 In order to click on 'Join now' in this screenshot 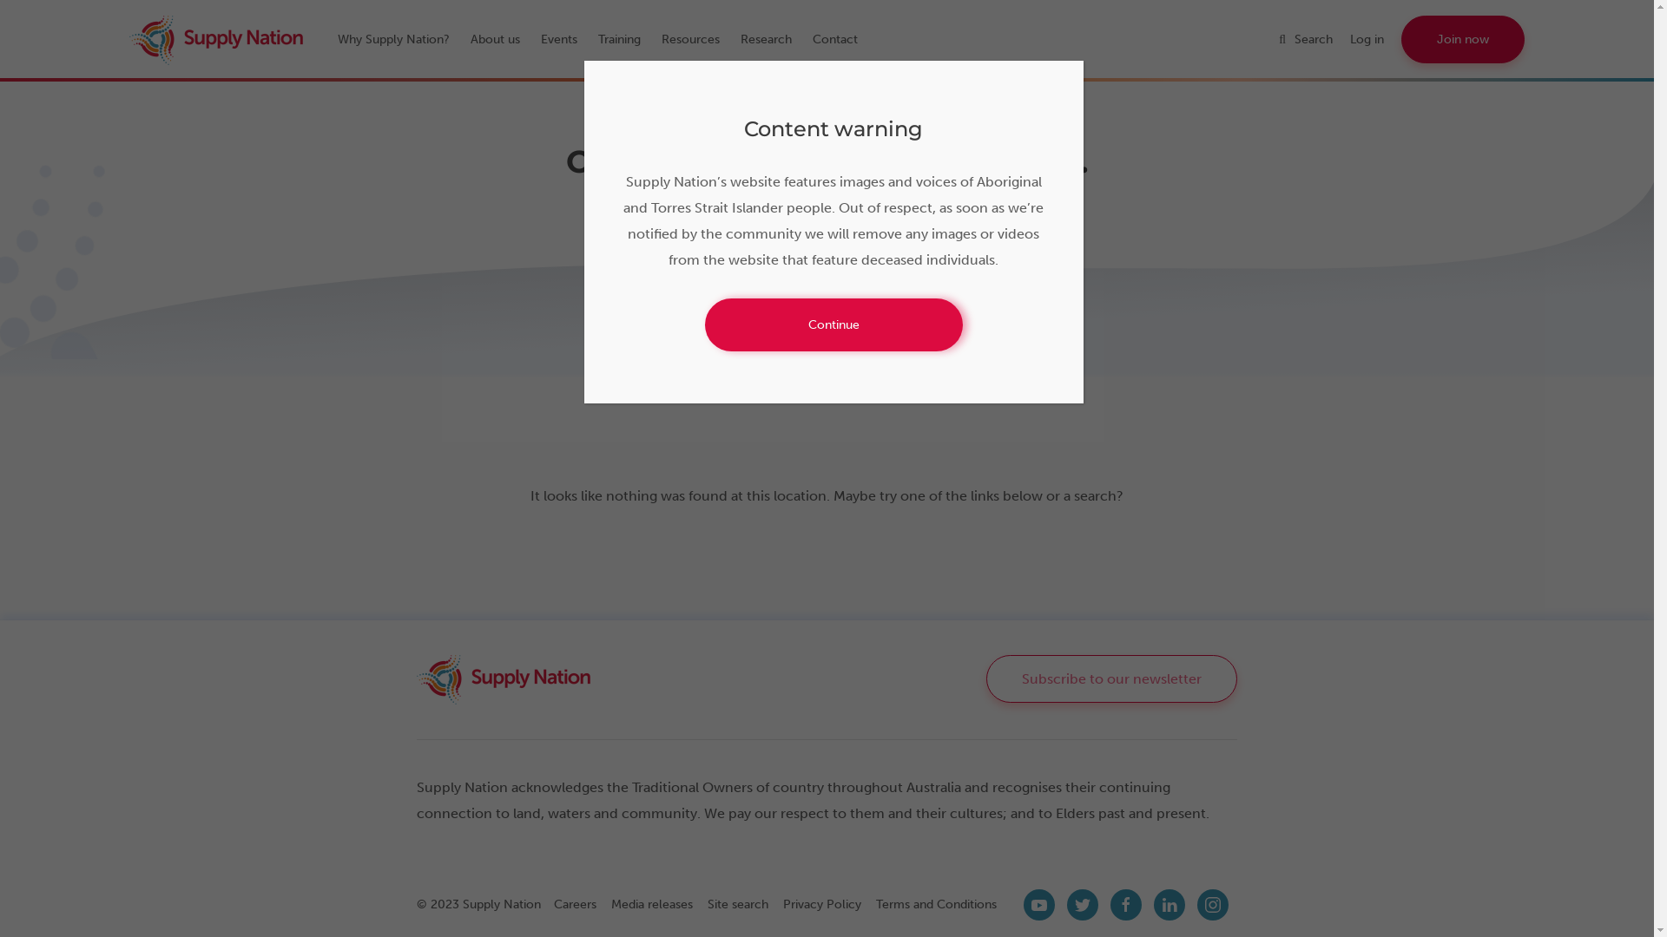, I will do `click(1461, 39)`.